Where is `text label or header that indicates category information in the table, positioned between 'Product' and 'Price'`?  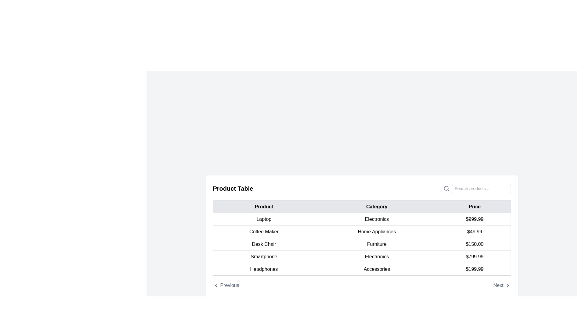
text label or header that indicates category information in the table, positioned between 'Product' and 'Price' is located at coordinates (376, 206).